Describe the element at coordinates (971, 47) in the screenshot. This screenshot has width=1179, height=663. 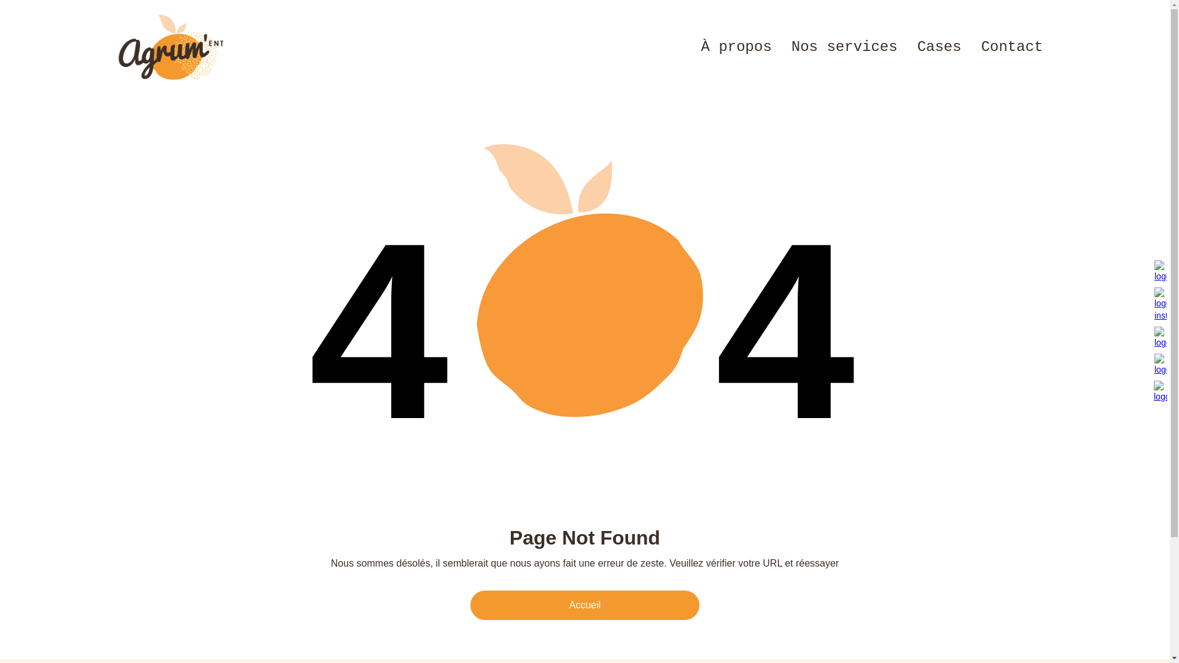
I see `'Contact'` at that location.